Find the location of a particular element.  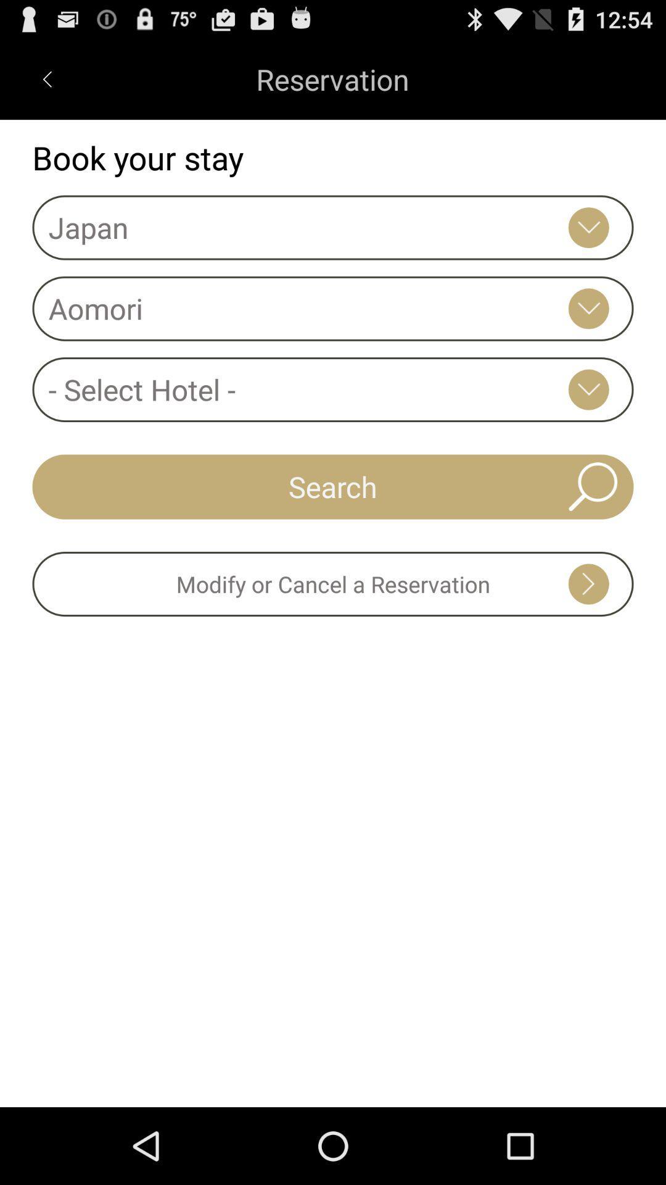

icon to the left of the reservation app is located at coordinates (46, 78).